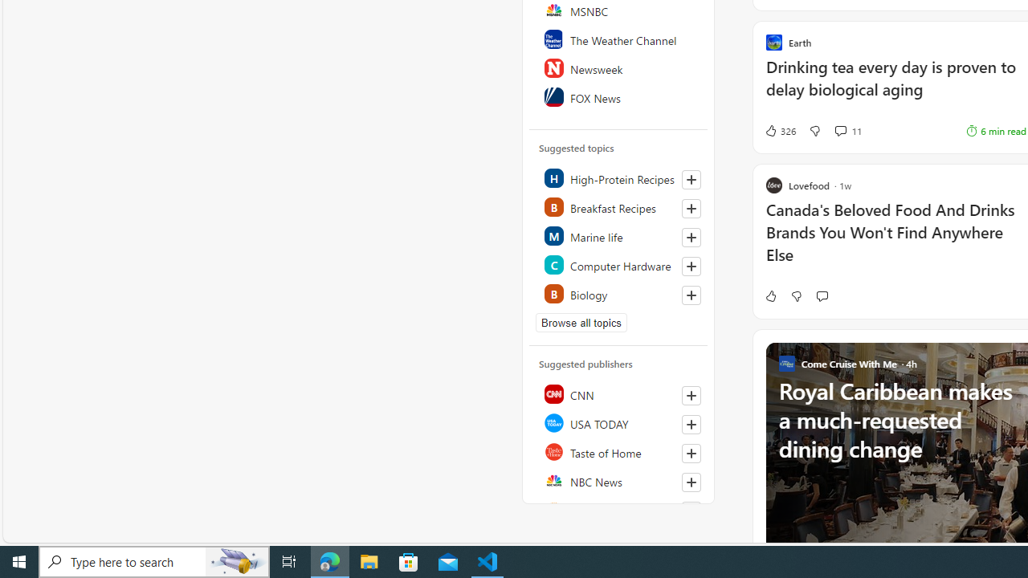 This screenshot has height=578, width=1028. I want to click on 'Reuters', so click(618, 510).